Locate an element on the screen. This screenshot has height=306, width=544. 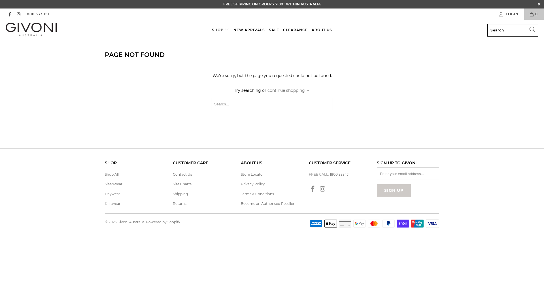
'Givoni Australia on Facebook' is located at coordinates (9, 14).